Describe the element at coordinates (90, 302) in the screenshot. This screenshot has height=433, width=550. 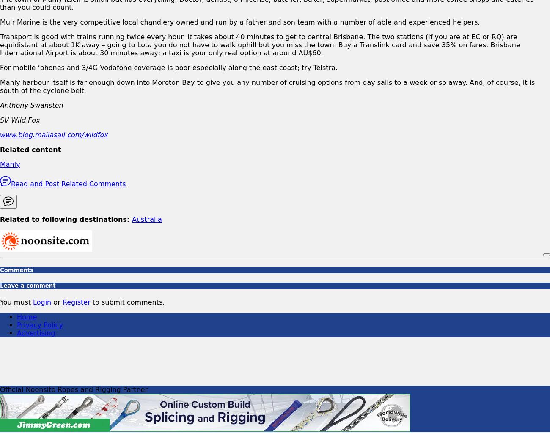
I see `'to submit comments.'` at that location.